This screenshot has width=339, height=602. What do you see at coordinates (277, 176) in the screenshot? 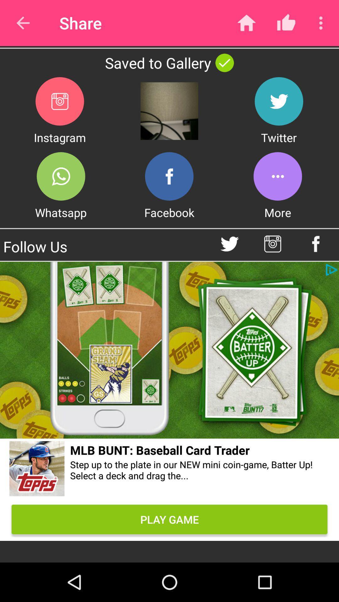
I see `more` at bounding box center [277, 176].